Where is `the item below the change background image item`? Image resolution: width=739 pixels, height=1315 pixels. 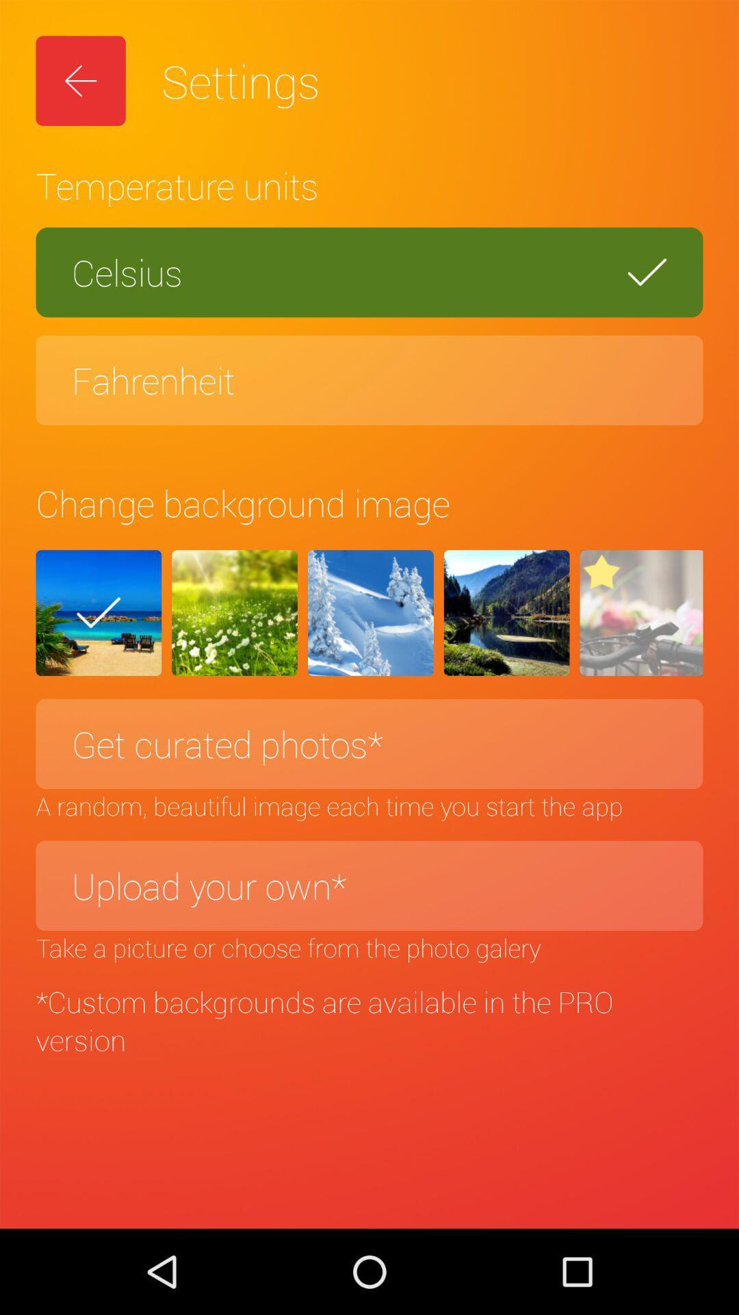
the item below the change background image item is located at coordinates (98, 612).